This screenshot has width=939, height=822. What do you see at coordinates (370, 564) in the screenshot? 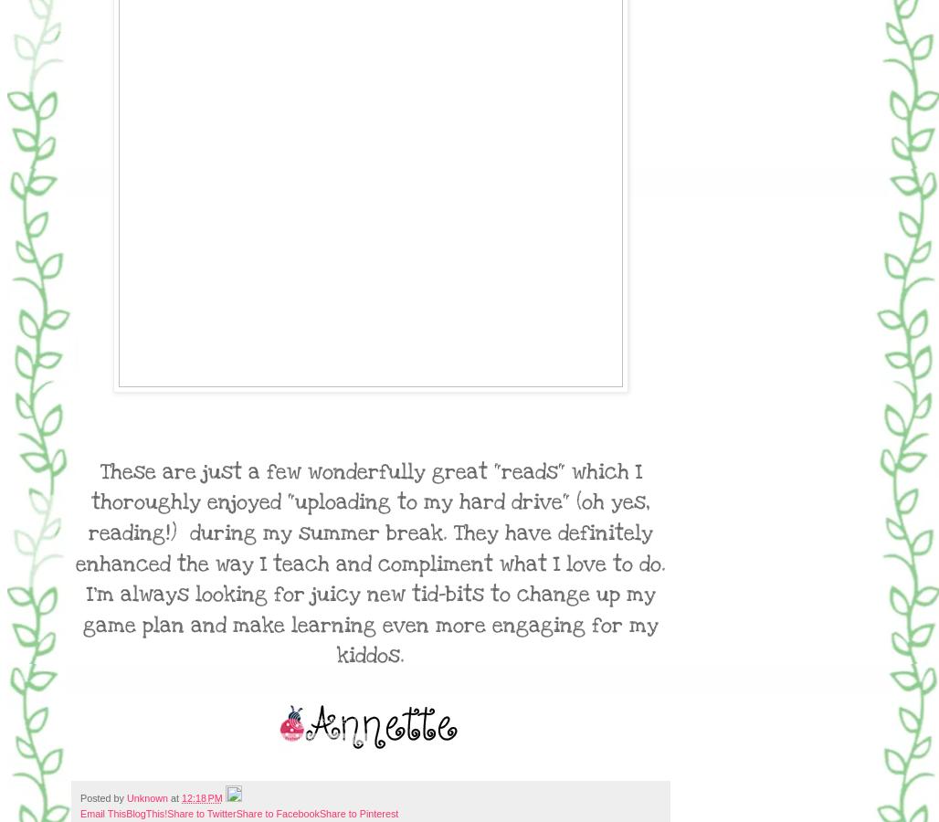
I see `'These are just a few wonderfully great "reads" which I thoroughly enjoyed "uploading to my hard drive" (oh yes, reading!)  during my summer break. They have definitely enhanced the way I teach and compliment what I love to do. I'm always looking for juicy new tid-bits to change up my game plan and make learning even more engaging for my kiddos.'` at bounding box center [370, 564].